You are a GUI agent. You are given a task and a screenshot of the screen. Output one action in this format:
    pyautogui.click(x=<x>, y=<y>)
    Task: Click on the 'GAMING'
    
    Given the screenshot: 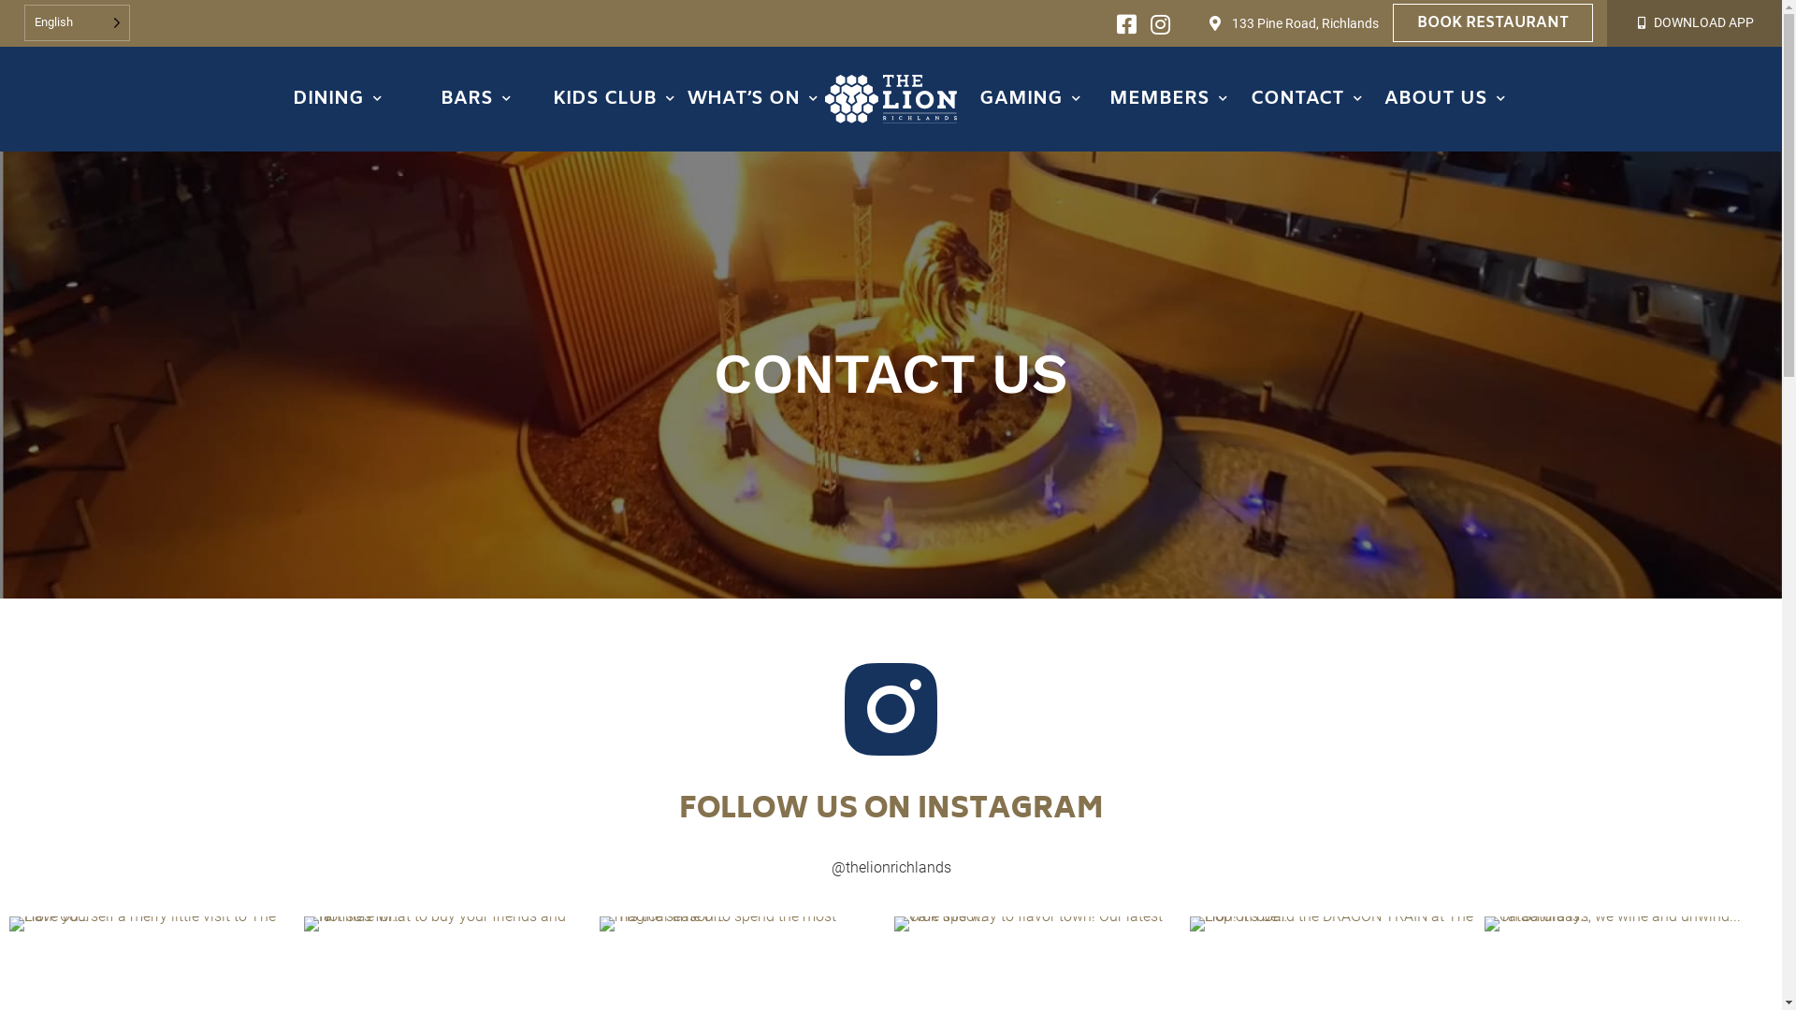 What is the action you would take?
    pyautogui.click(x=1028, y=98)
    